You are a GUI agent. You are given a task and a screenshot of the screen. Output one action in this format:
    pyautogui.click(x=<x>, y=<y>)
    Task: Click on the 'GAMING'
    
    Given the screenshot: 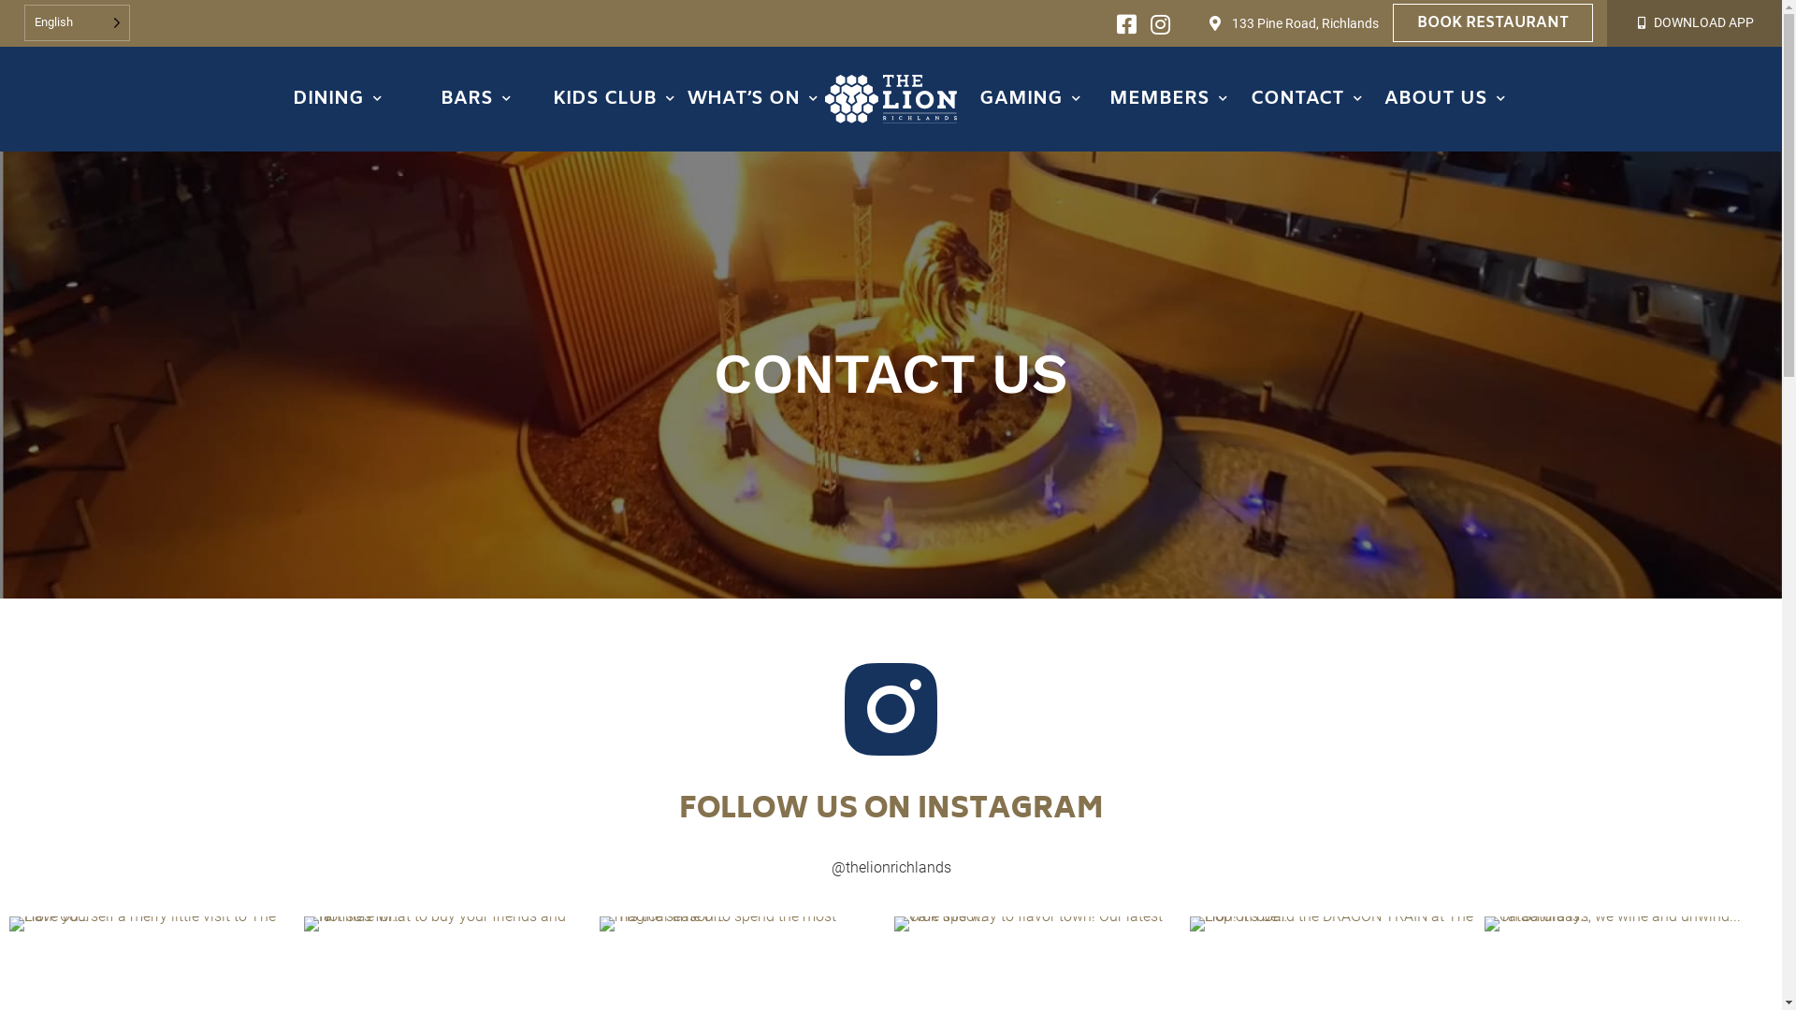 What is the action you would take?
    pyautogui.click(x=1028, y=98)
    